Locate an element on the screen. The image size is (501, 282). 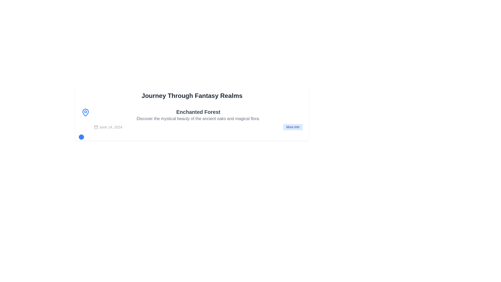
the calendar icon representing the date 'June 14, 2024', located to the left of the associated text is located at coordinates (96, 127).